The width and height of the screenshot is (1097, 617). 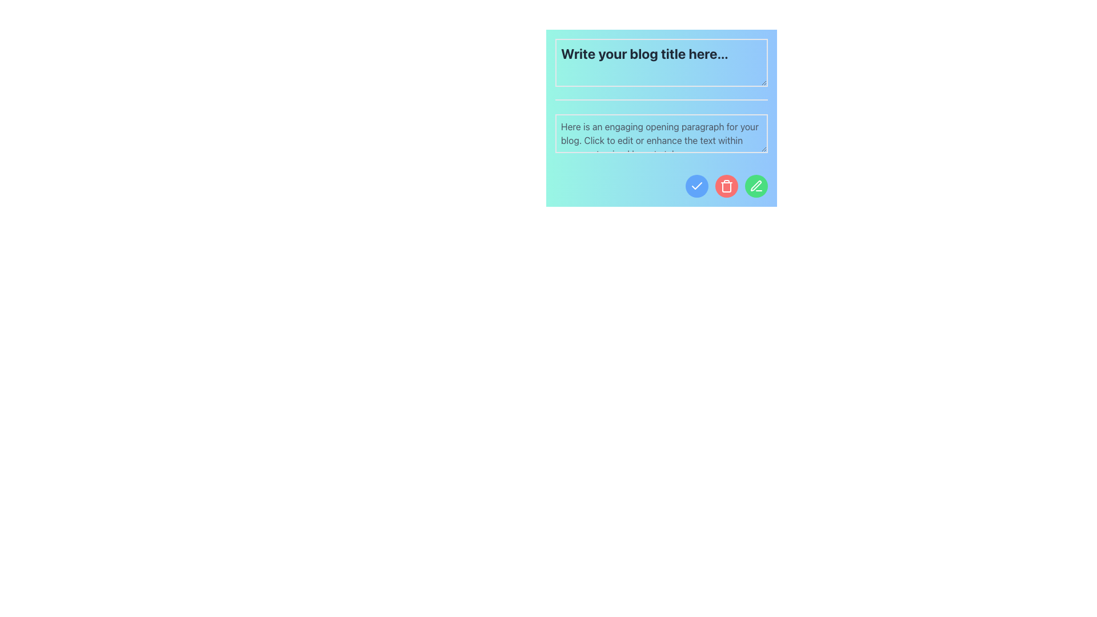 What do you see at coordinates (756, 186) in the screenshot?
I see `the fourth circular button located at the bottom right of the panel` at bounding box center [756, 186].